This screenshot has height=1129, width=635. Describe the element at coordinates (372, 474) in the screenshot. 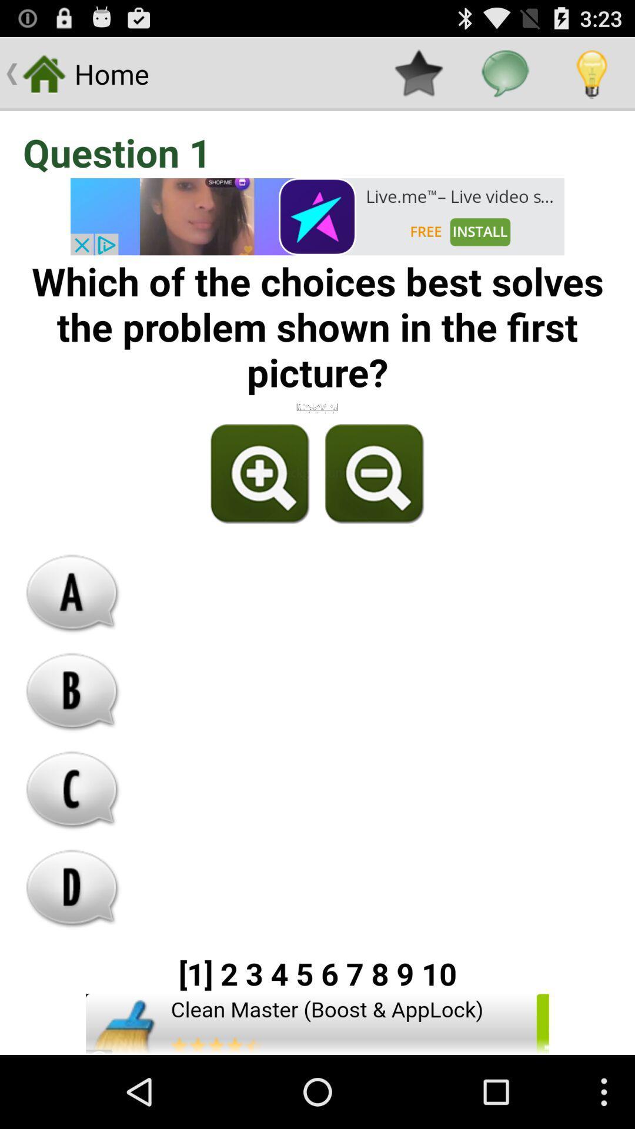

I see `the zoom out icon shown at the center of the page` at that location.